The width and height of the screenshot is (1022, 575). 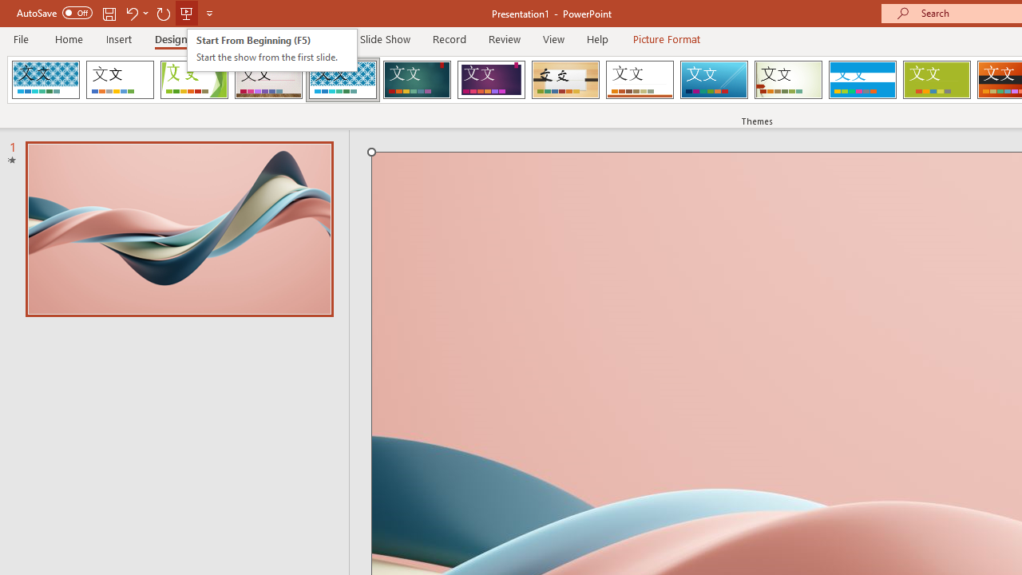 I want to click on 'Ion Boardroom', so click(x=490, y=80).